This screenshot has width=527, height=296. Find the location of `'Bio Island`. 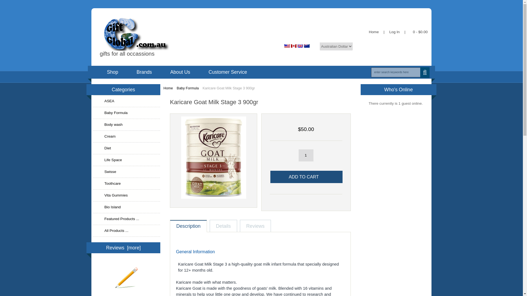

'Bio Island is located at coordinates (126, 207).